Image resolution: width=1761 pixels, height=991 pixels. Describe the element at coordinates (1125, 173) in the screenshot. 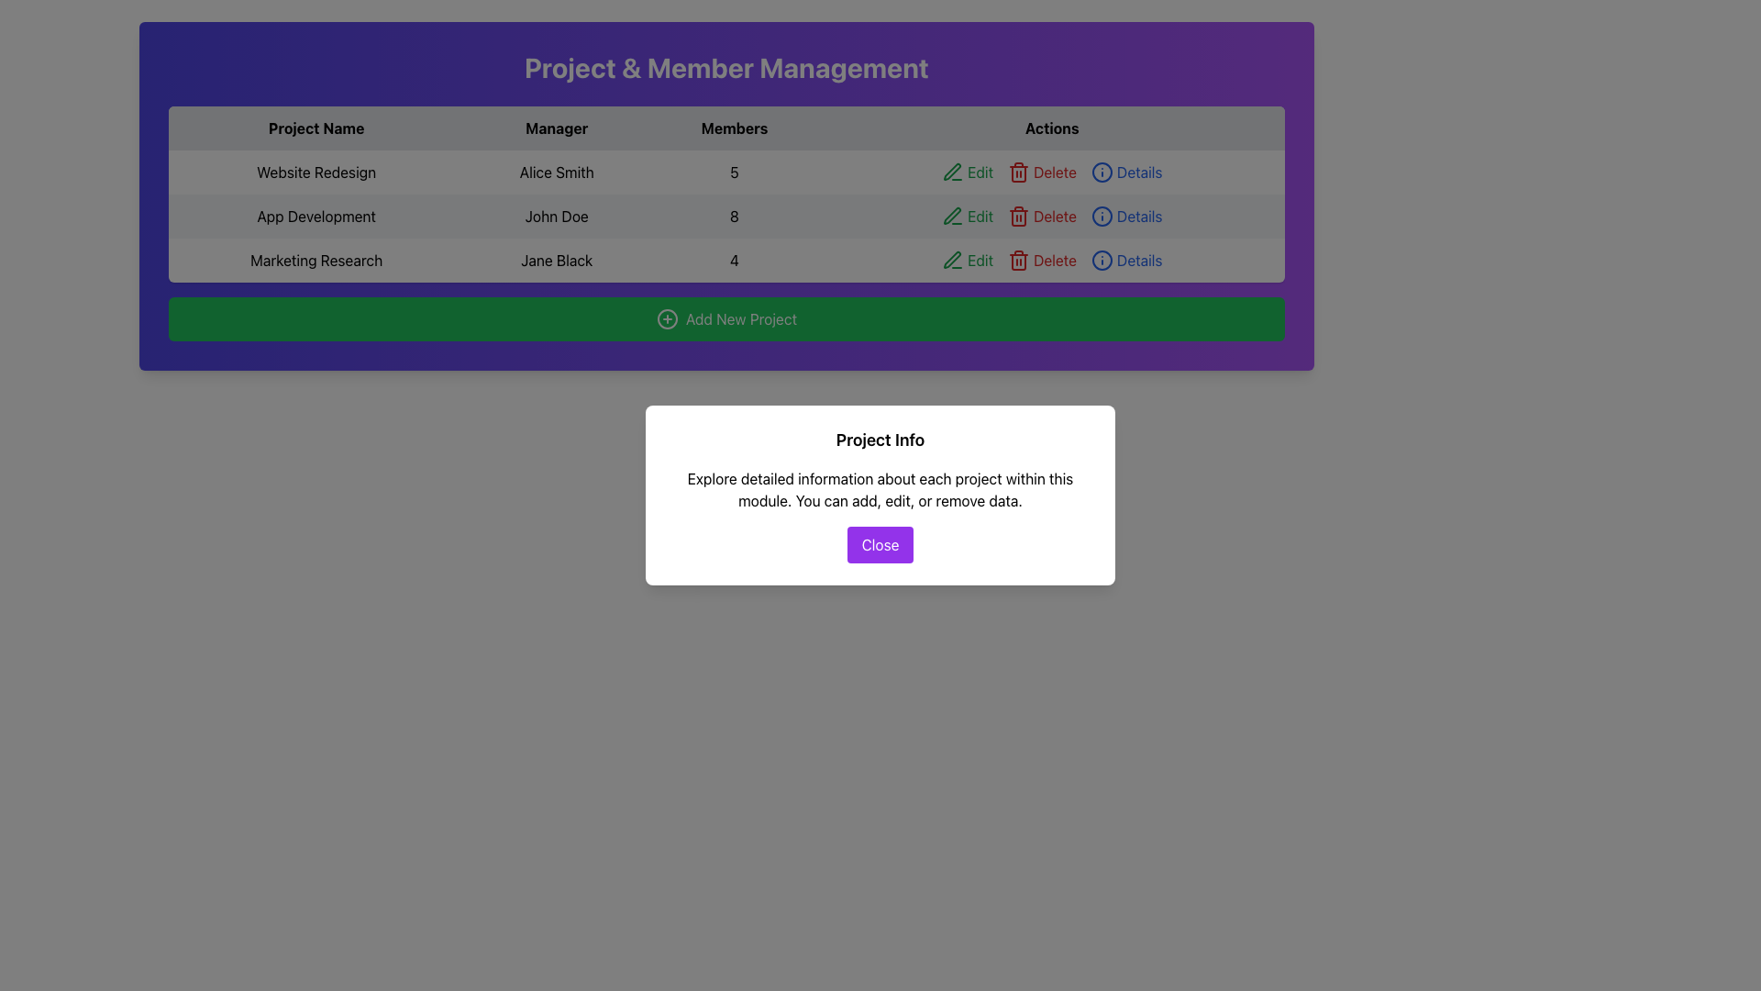

I see `the third action button in the 'Actions' column of the 'Project & Member Management' table` at that location.